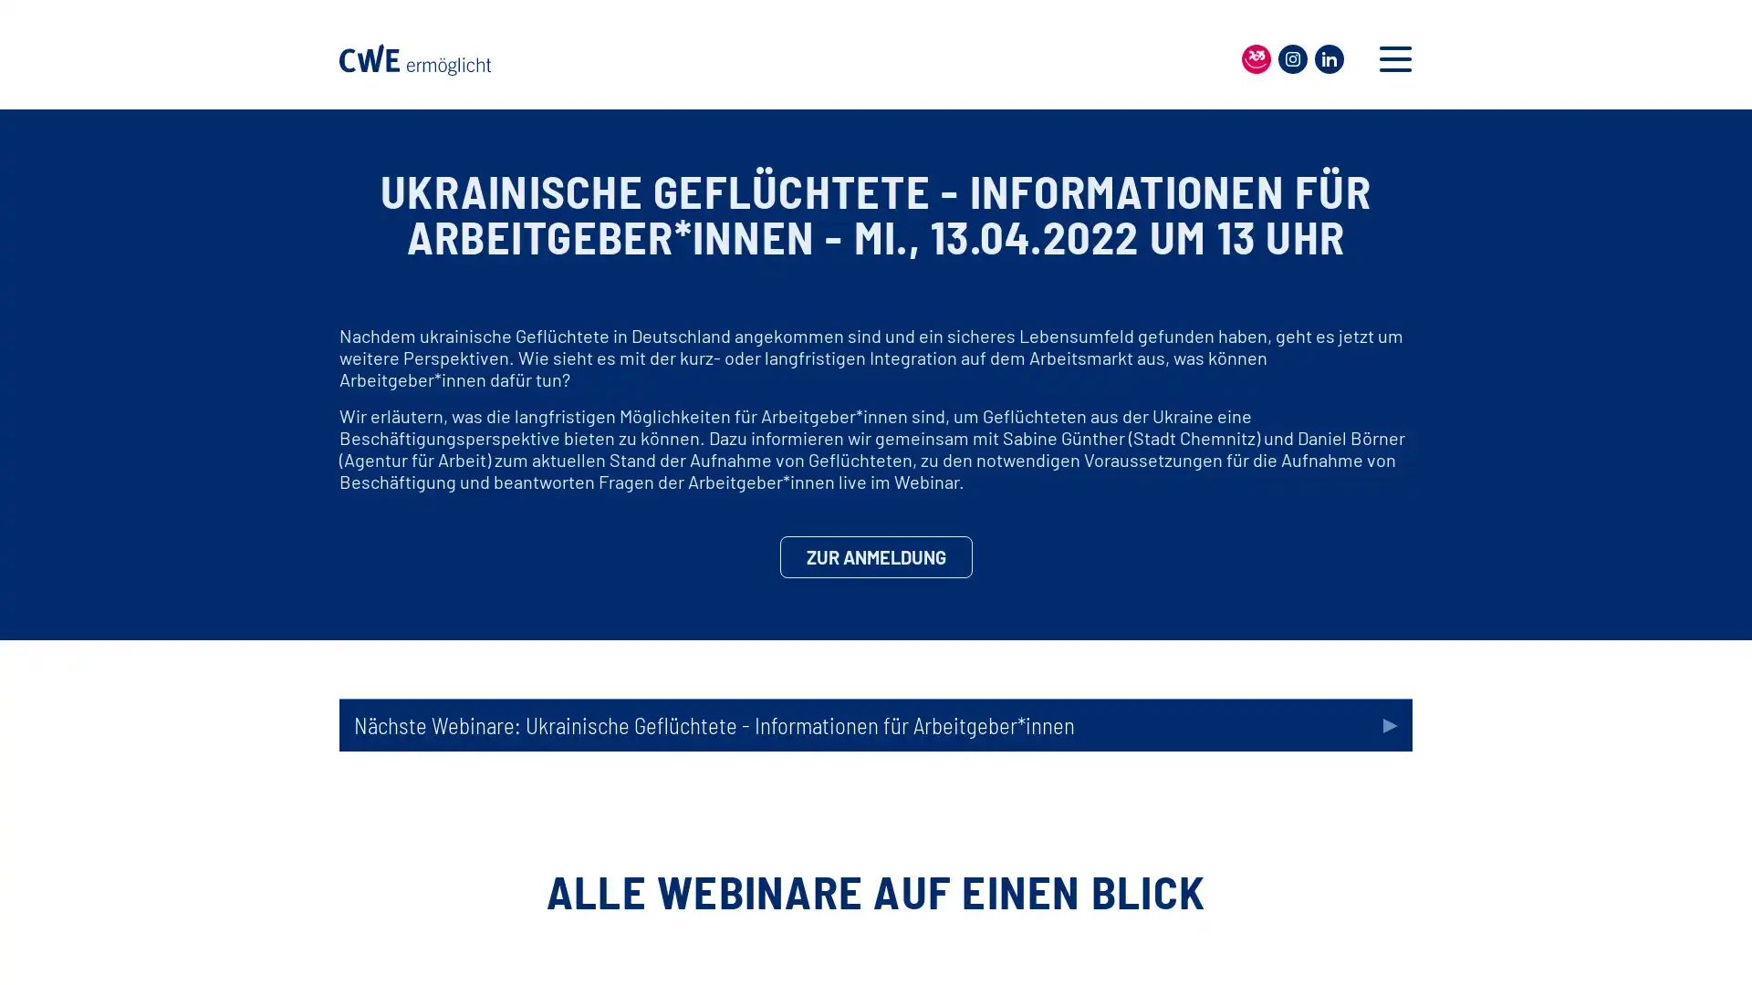  What do you see at coordinates (874, 555) in the screenshot?
I see `ZUR ANMELDUNG` at bounding box center [874, 555].